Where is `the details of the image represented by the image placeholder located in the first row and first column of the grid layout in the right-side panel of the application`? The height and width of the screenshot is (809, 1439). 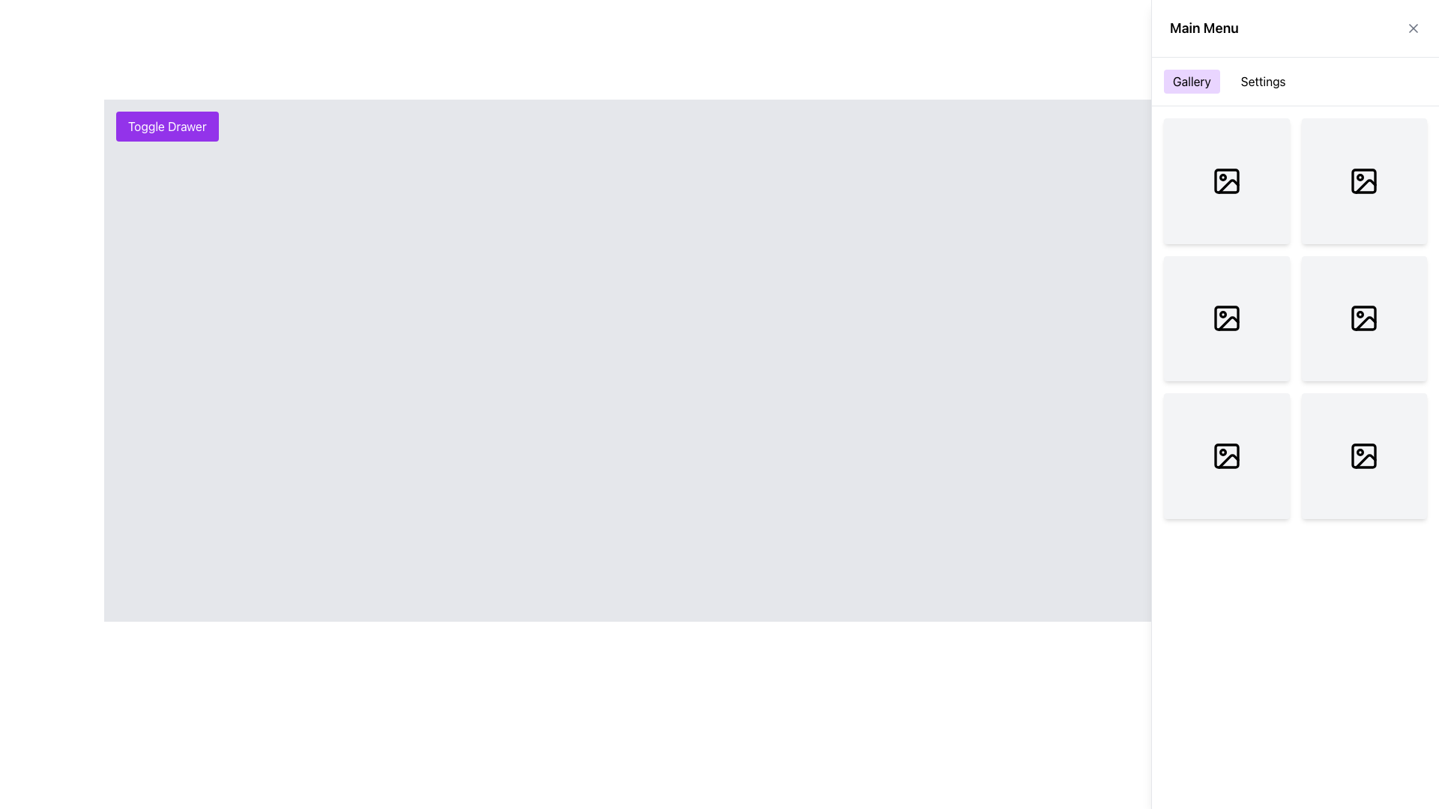 the details of the image represented by the image placeholder located in the first row and first column of the grid layout in the right-side panel of the application is located at coordinates (1226, 180).